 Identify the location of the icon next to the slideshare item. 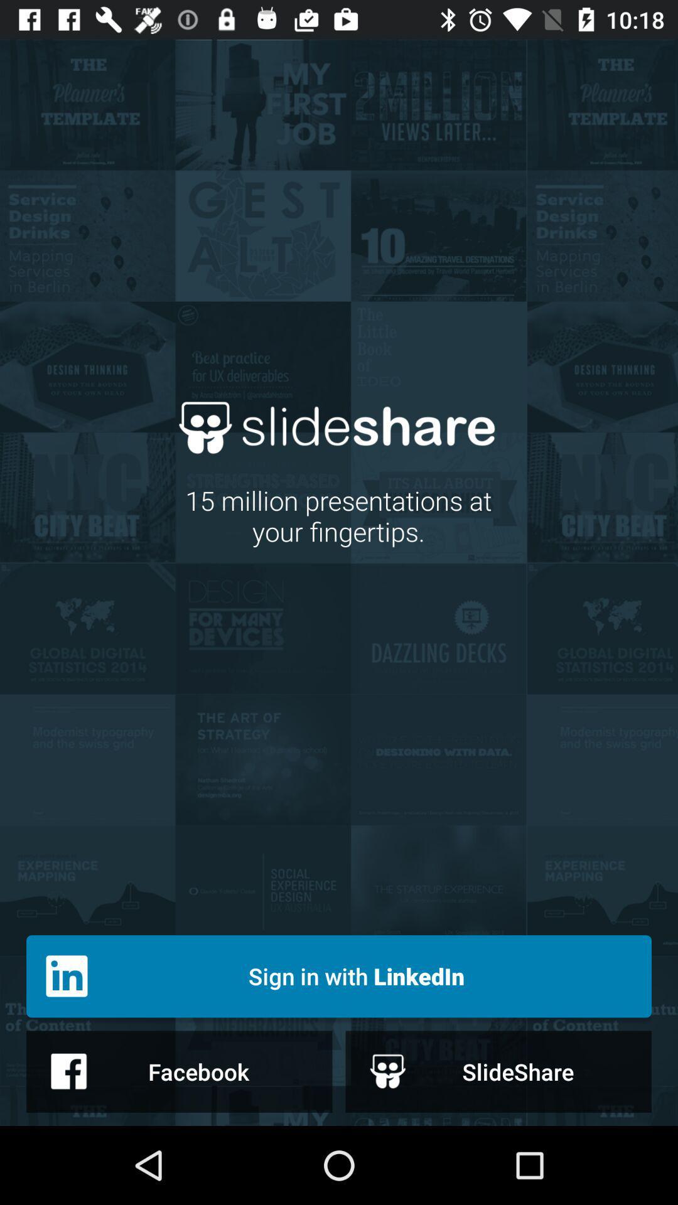
(179, 1071).